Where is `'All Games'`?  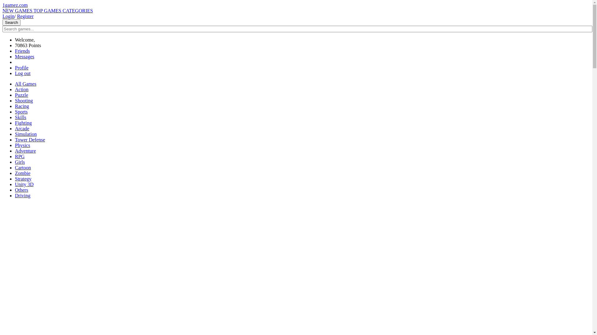
'All Games' is located at coordinates (25, 84).